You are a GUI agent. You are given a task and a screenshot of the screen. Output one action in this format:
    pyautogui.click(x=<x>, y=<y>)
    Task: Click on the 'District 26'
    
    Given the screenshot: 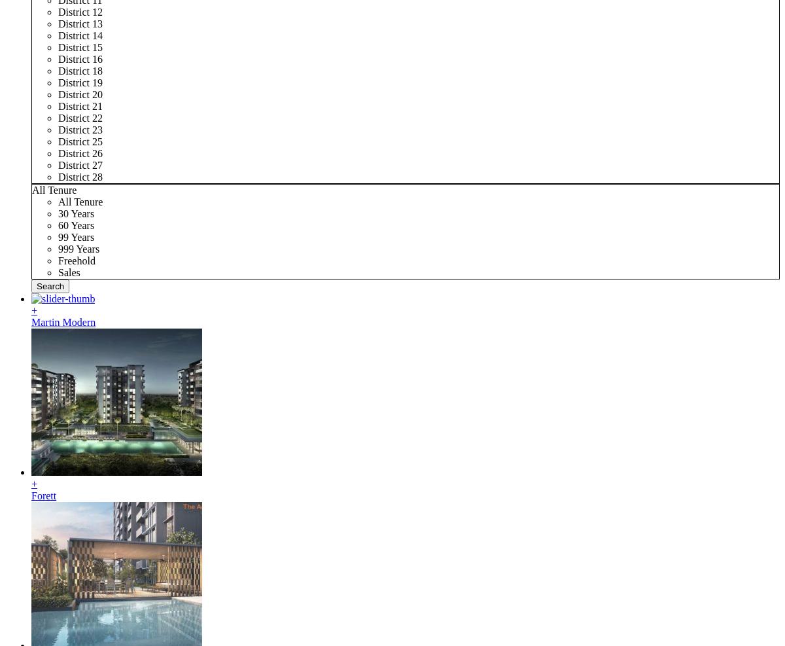 What is the action you would take?
    pyautogui.click(x=80, y=153)
    